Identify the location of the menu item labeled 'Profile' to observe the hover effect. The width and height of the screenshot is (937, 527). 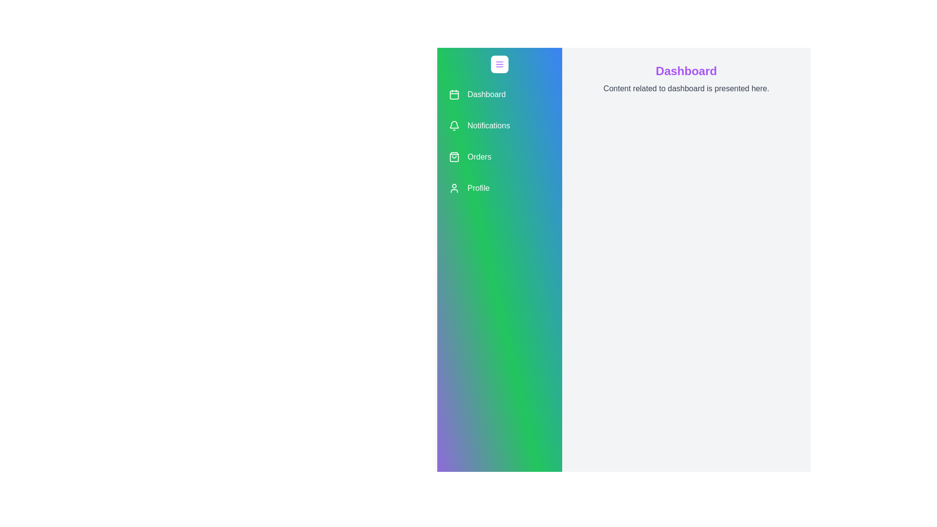
(499, 188).